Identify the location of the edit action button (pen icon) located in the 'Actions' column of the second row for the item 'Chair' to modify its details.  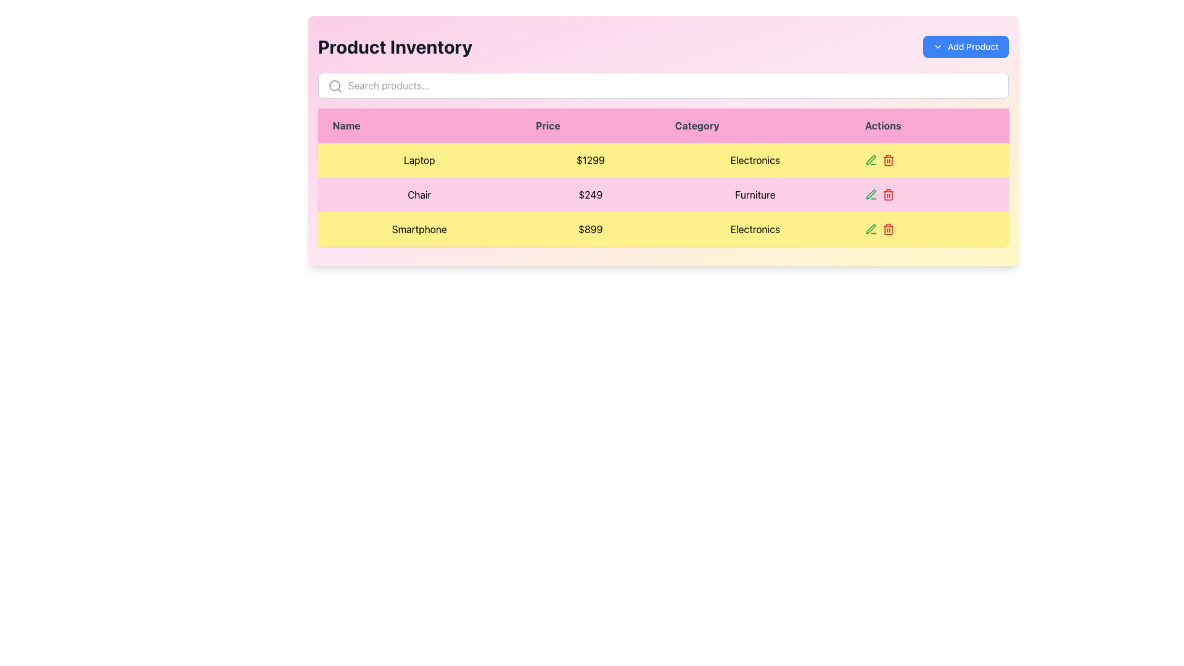
(870, 159).